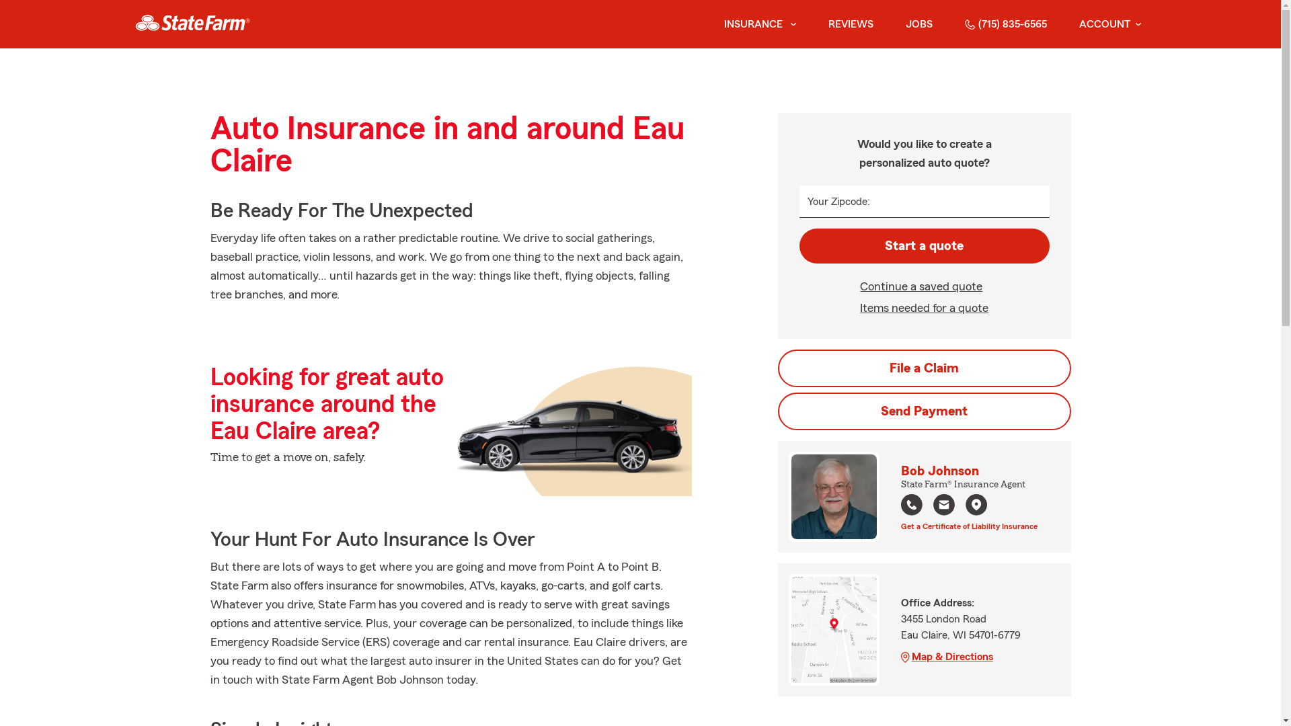 The width and height of the screenshot is (1291, 726). Describe the element at coordinates (923, 411) in the screenshot. I see `'Send Payment'` at that location.